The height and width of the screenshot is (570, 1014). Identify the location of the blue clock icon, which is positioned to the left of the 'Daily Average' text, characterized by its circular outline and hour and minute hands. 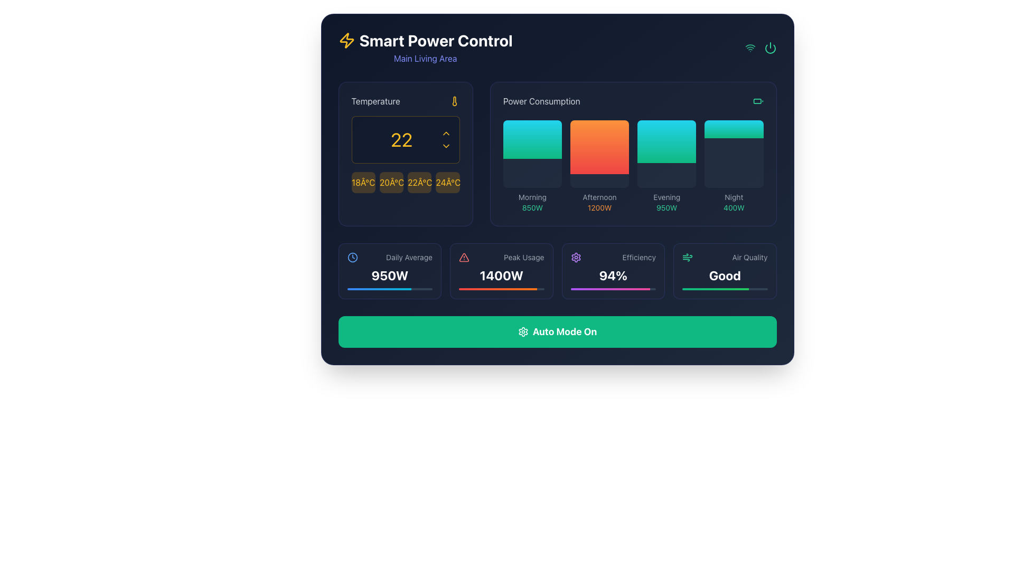
(352, 258).